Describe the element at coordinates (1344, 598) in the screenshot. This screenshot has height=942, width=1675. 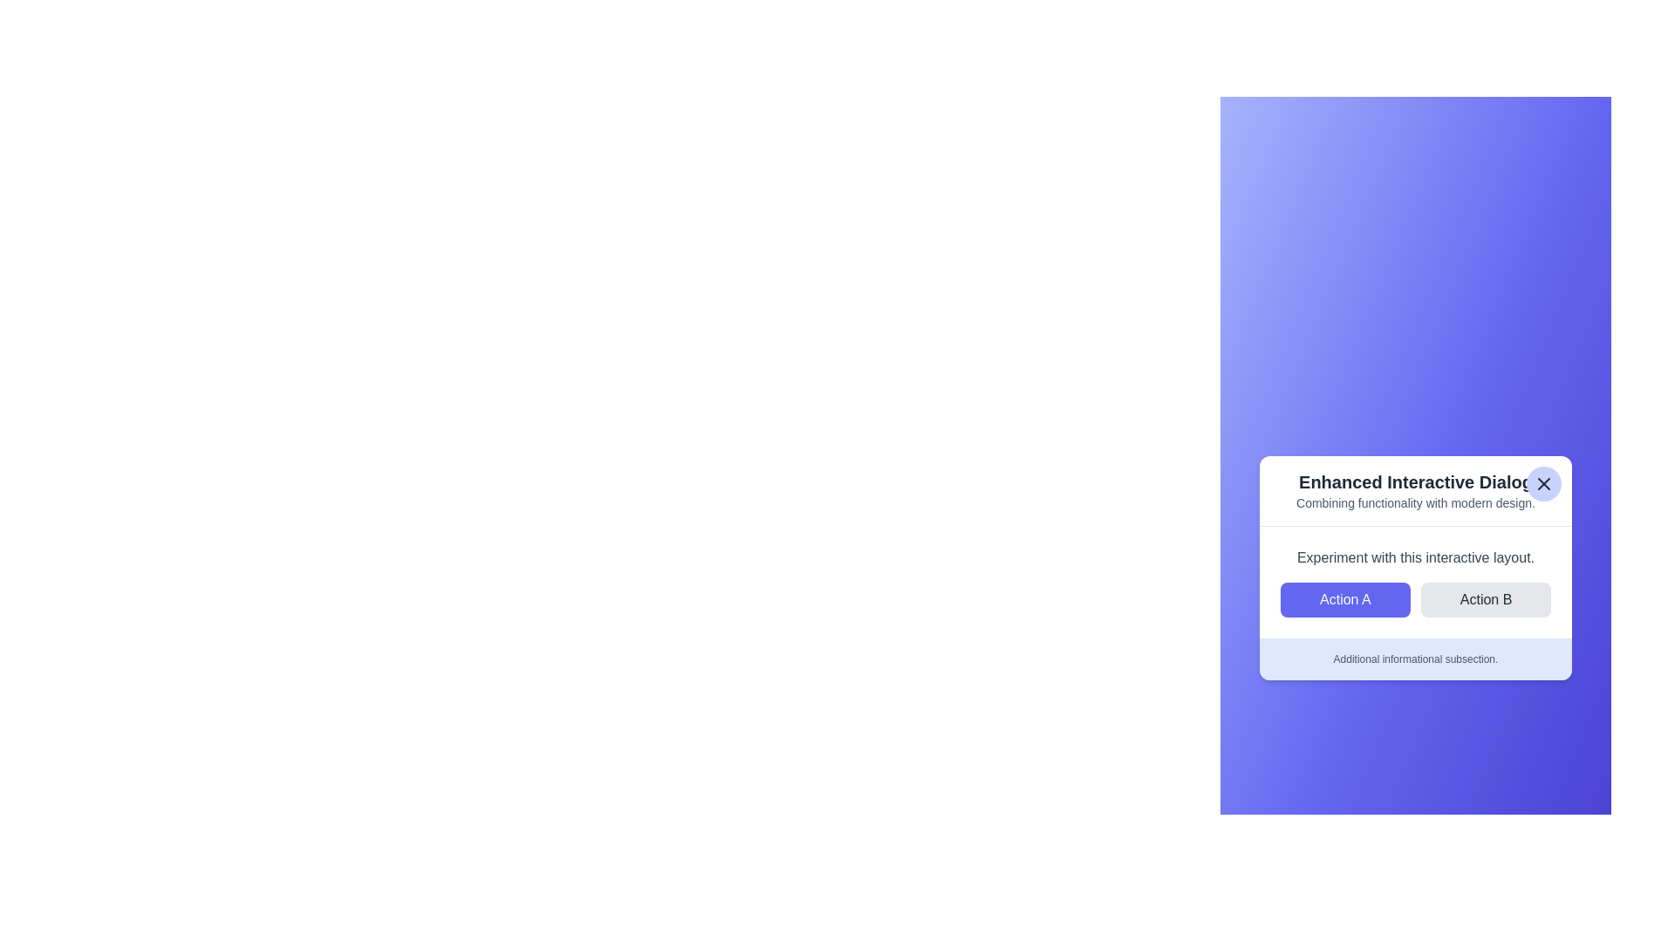
I see `the primary action button labeled 'Action A' located in the lower section of the dialog box` at that location.